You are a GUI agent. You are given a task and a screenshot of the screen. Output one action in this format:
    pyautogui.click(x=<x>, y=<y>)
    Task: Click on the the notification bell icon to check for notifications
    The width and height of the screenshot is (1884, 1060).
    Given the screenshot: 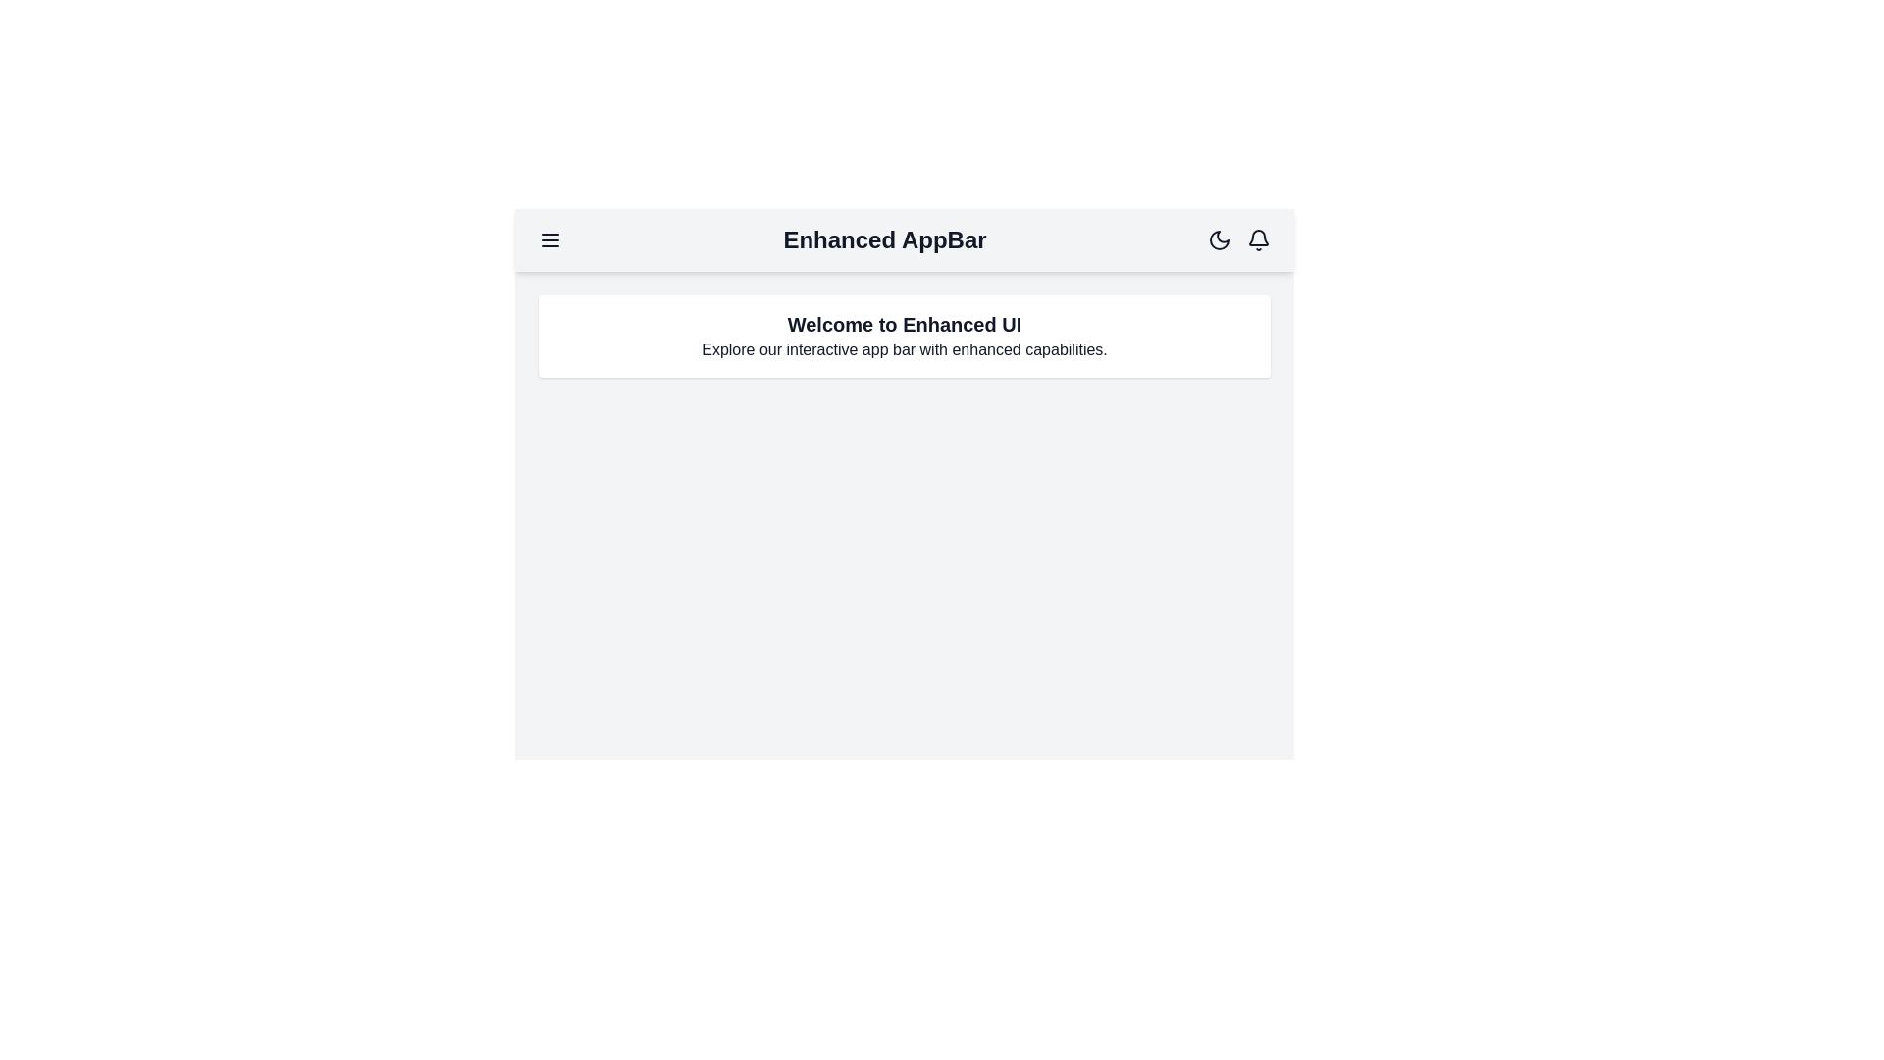 What is the action you would take?
    pyautogui.click(x=1258, y=239)
    